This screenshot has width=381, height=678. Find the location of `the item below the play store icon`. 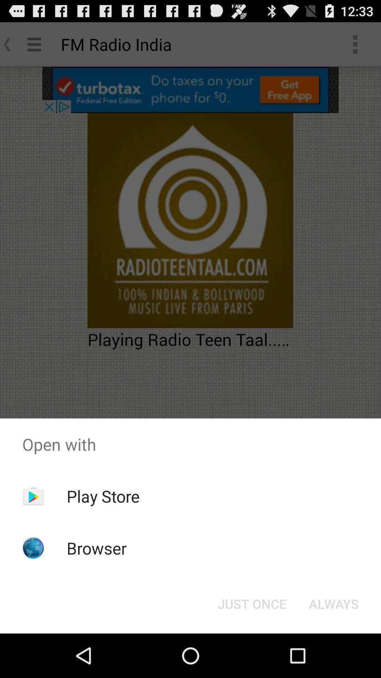

the item below the play store icon is located at coordinates (97, 548).